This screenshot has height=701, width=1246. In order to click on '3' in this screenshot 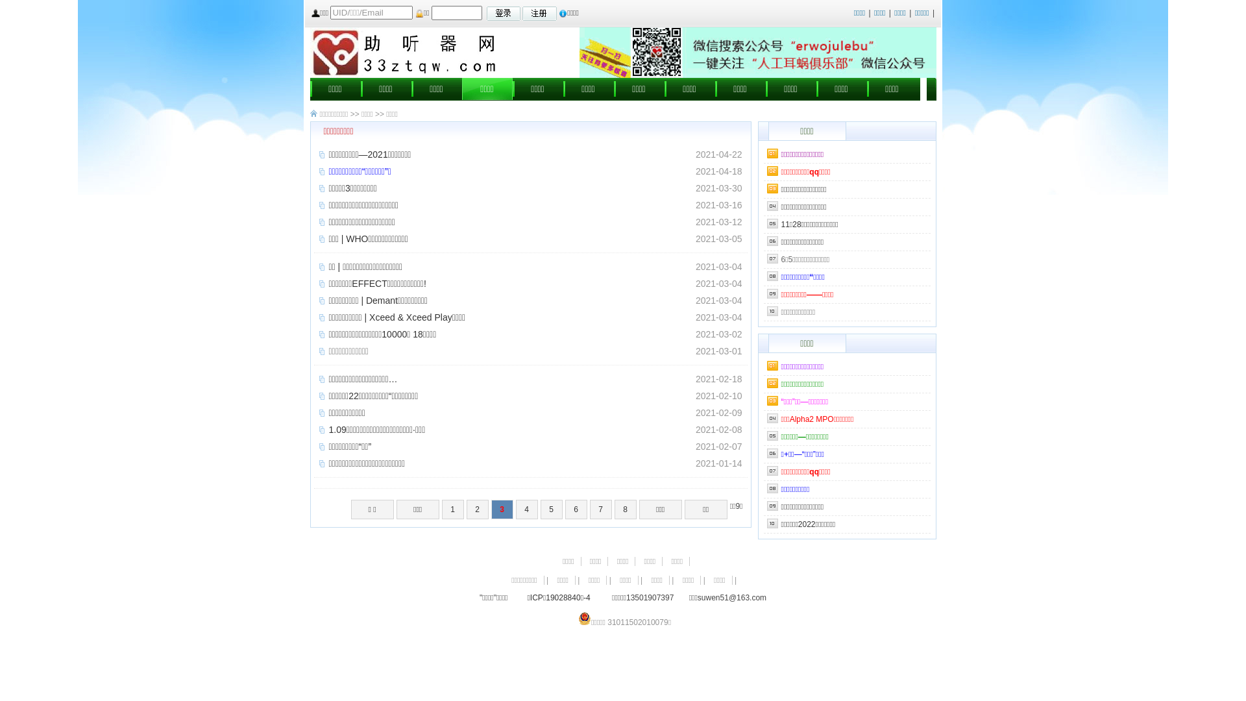, I will do `click(501, 509)`.